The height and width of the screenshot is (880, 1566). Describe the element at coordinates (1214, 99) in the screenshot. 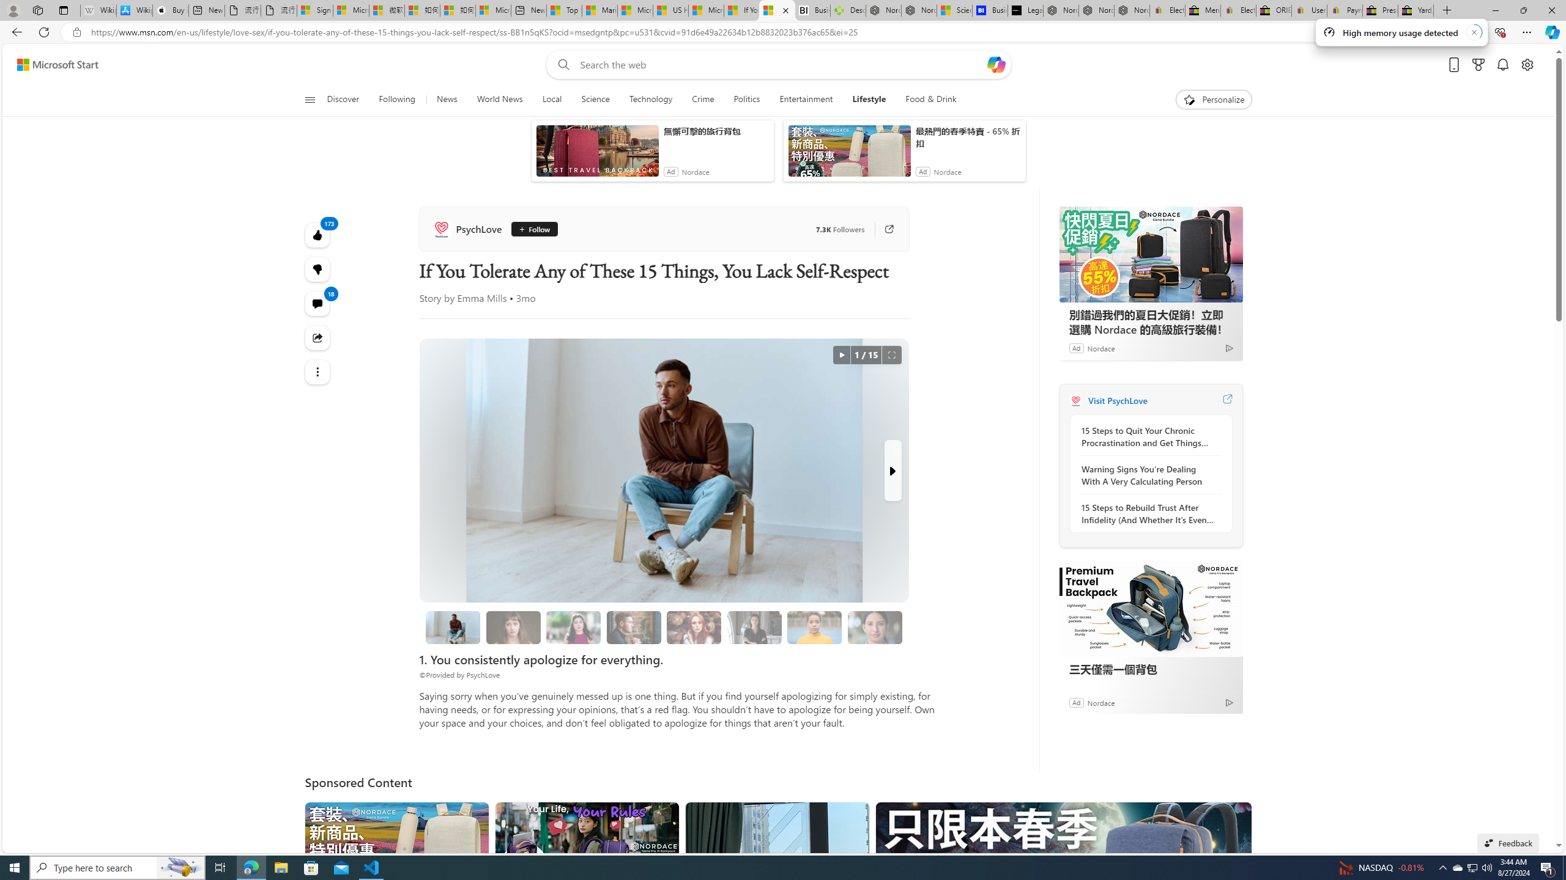

I see `'Personalize'` at that location.